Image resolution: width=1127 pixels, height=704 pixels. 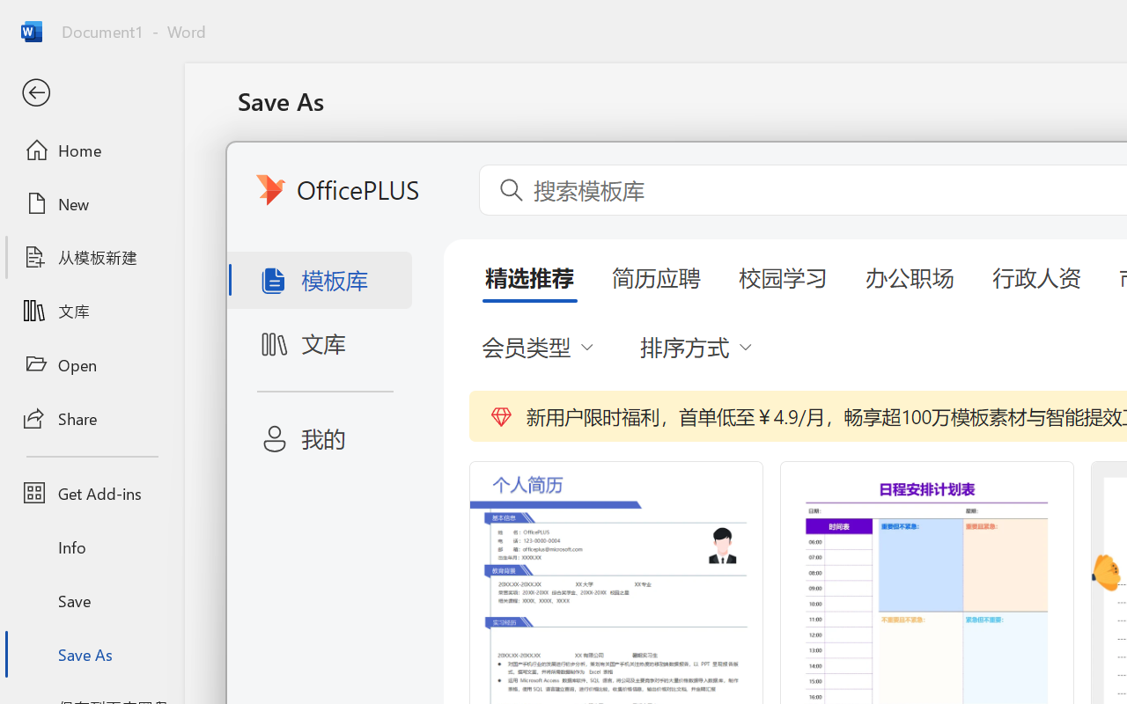 I want to click on 'New', so click(x=91, y=203).